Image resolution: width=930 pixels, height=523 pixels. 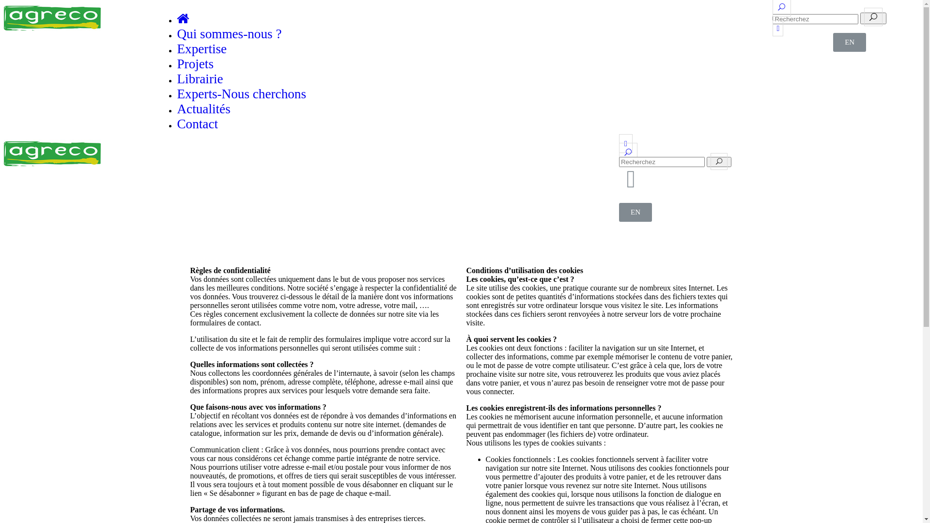 What do you see at coordinates (229, 33) in the screenshot?
I see `'Qui sommes-nous ?'` at bounding box center [229, 33].